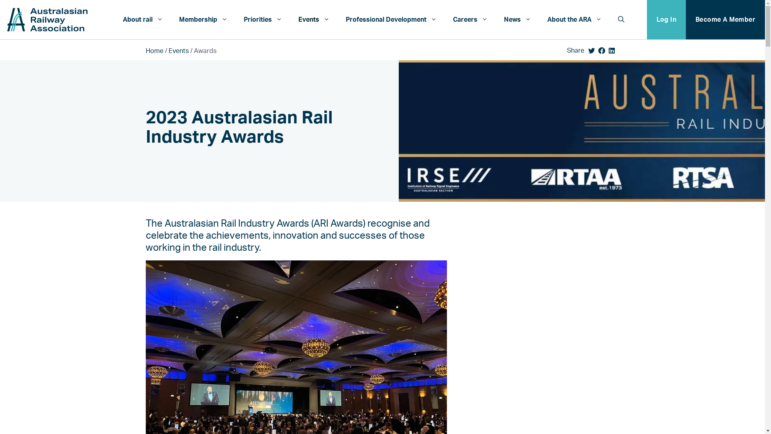 The image size is (771, 434). Describe the element at coordinates (574, 19) in the screenshot. I see `'About the ARA'` at that location.